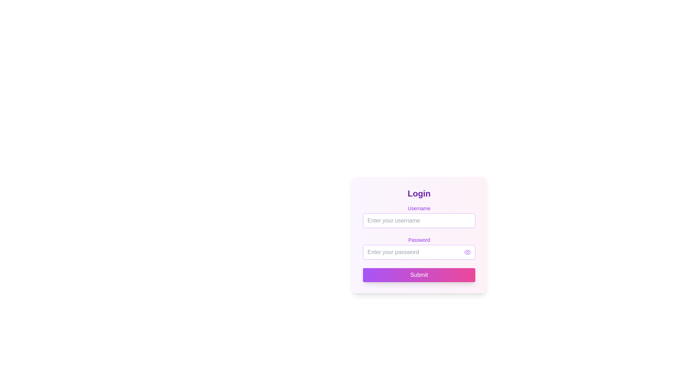  I want to click on the label element for the password input field, which is positioned above the password input and below the username input in the login form, so click(419, 239).